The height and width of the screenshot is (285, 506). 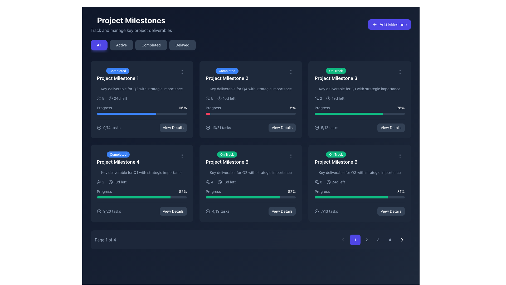 What do you see at coordinates (291, 191) in the screenshot?
I see `the text label displaying '82%' in white font, located next to the word 'Progress' within the 'Project Milestone 5' card` at bounding box center [291, 191].